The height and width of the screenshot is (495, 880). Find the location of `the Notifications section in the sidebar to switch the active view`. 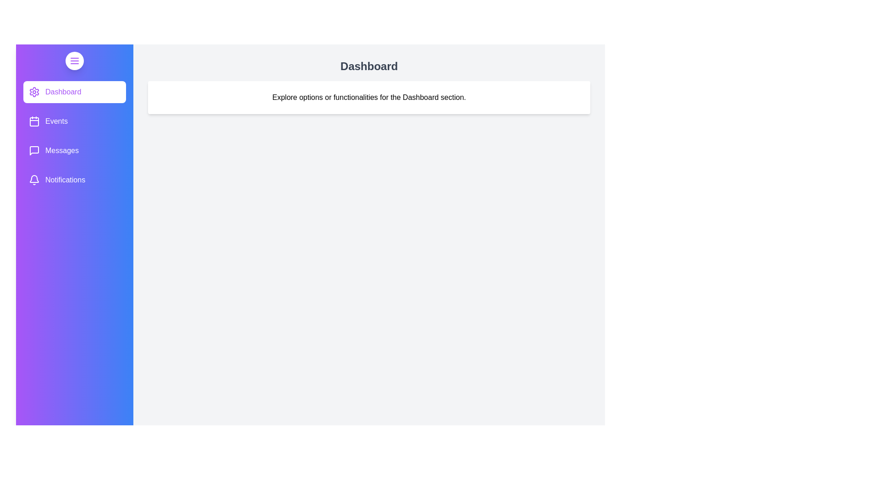

the Notifications section in the sidebar to switch the active view is located at coordinates (75, 180).